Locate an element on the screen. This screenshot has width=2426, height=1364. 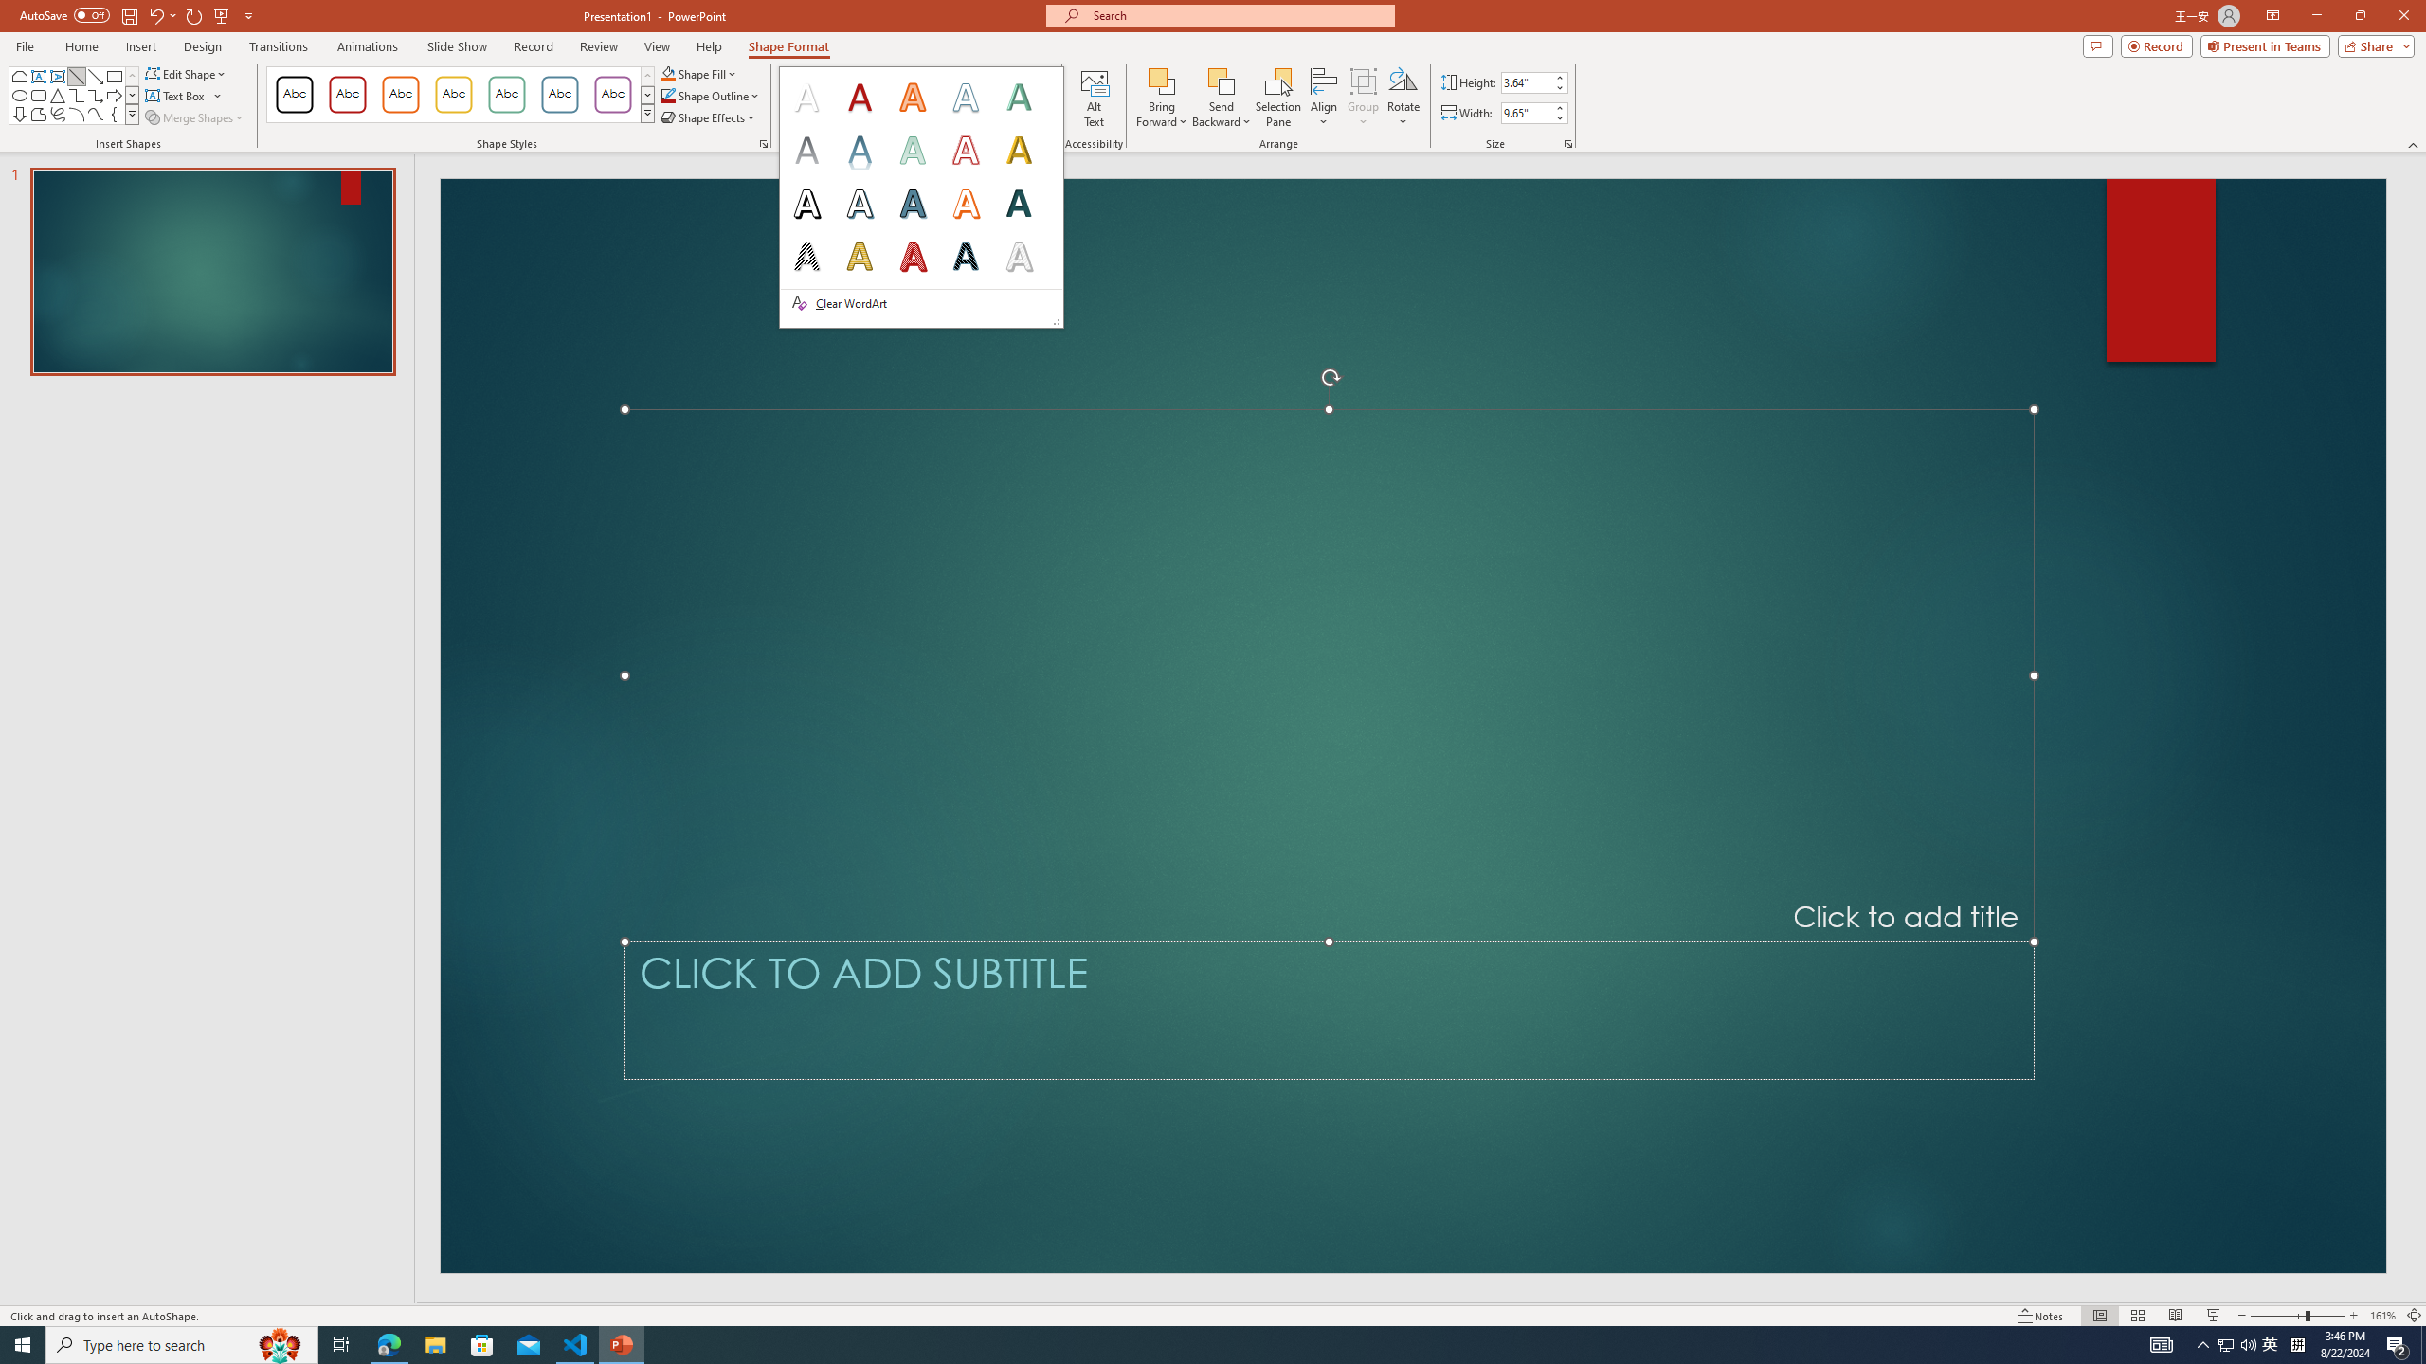
'Merge Shapes' is located at coordinates (196, 116).